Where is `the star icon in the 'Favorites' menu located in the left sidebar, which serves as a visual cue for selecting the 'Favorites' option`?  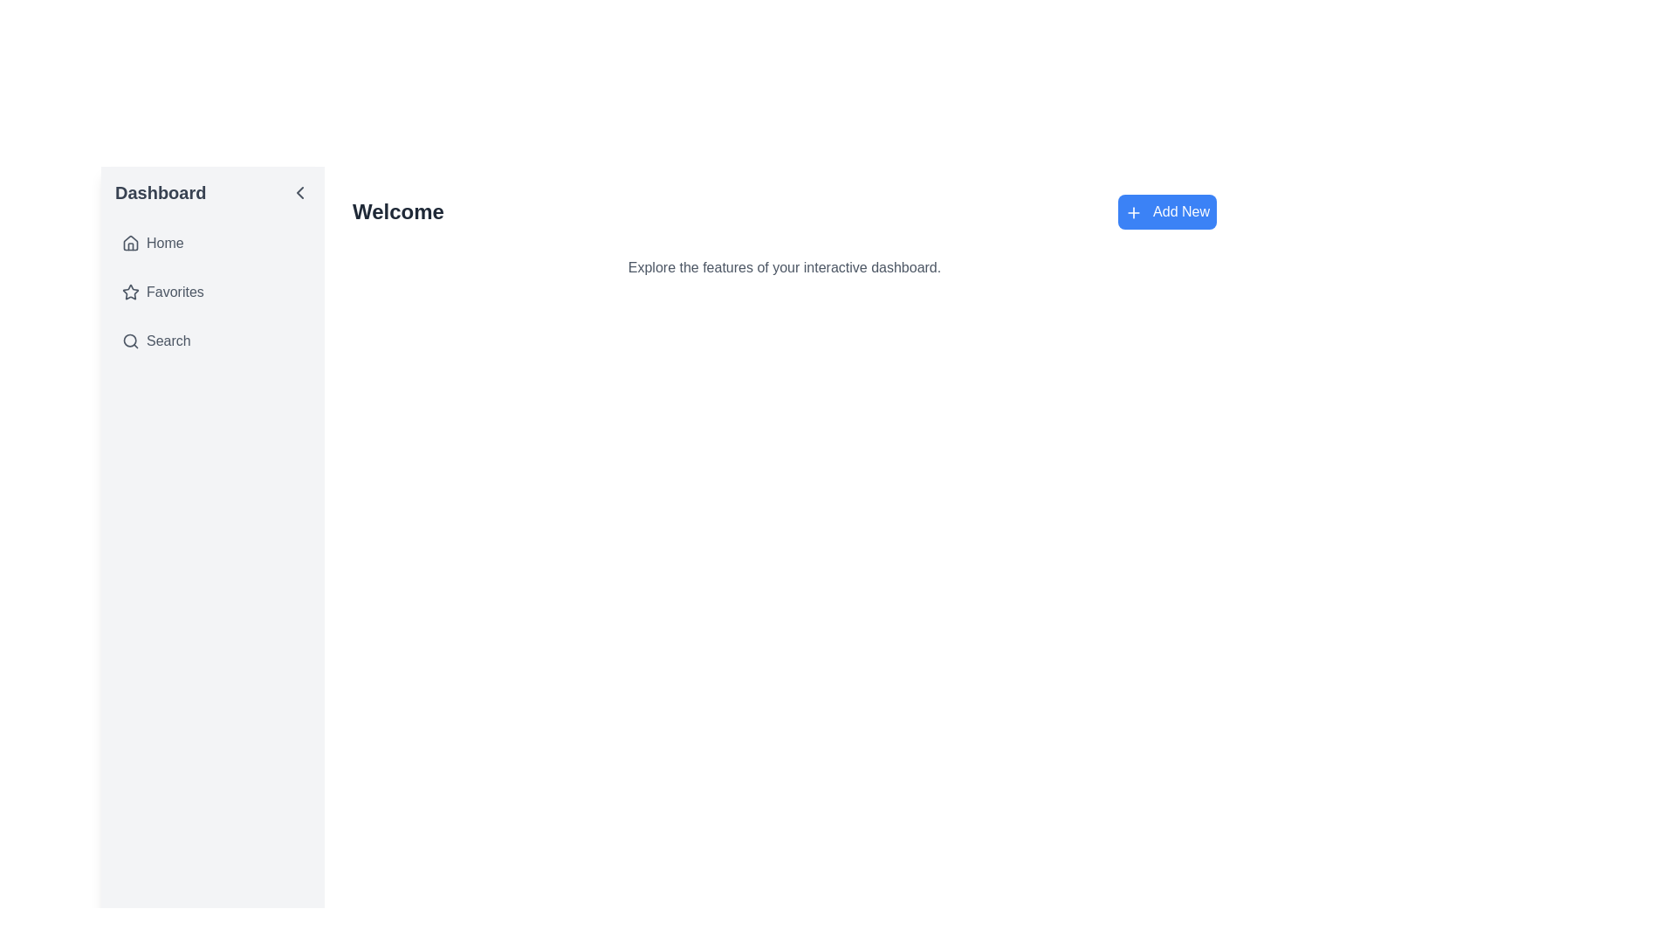
the star icon in the 'Favorites' menu located in the left sidebar, which serves as a visual cue for selecting the 'Favorites' option is located at coordinates (129, 292).